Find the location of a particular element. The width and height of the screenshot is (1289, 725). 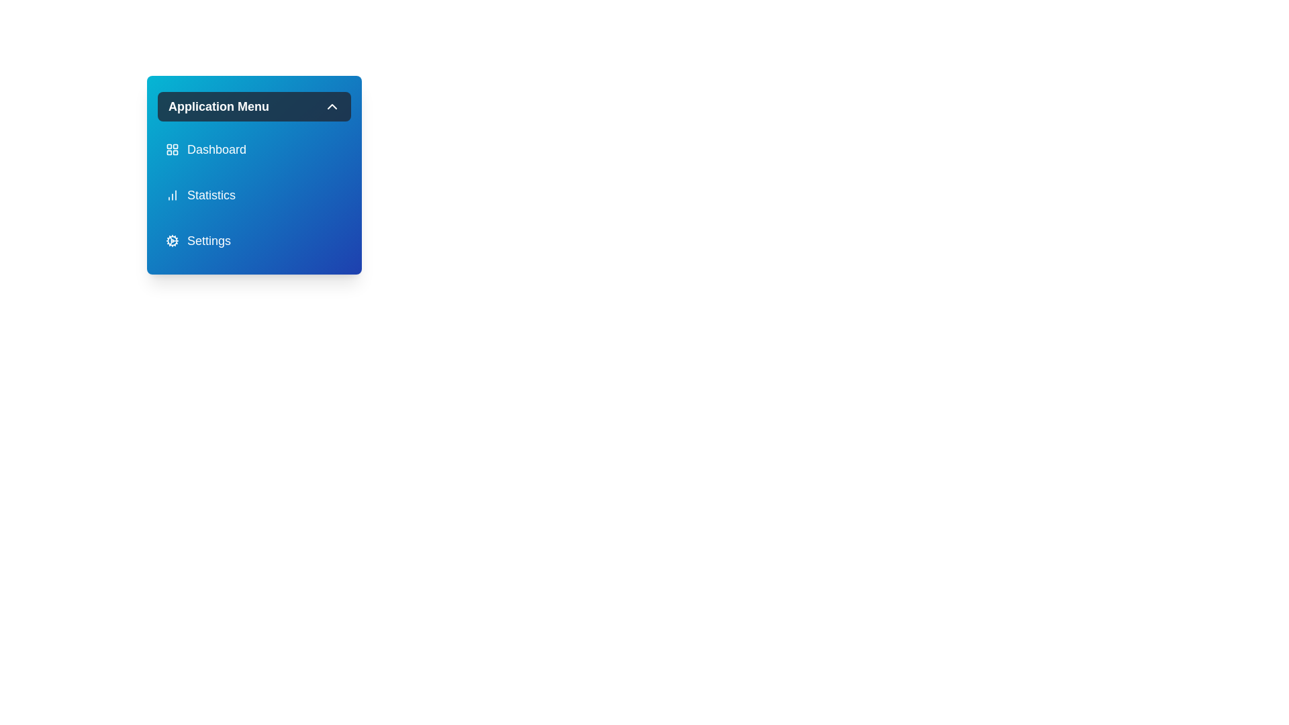

the menu item labeled Dashboard to select it is located at coordinates (254, 150).